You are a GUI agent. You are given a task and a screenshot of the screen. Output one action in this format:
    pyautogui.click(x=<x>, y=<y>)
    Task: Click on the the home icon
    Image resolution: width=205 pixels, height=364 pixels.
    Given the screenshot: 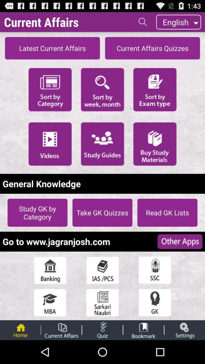 What is the action you would take?
    pyautogui.click(x=20, y=353)
    